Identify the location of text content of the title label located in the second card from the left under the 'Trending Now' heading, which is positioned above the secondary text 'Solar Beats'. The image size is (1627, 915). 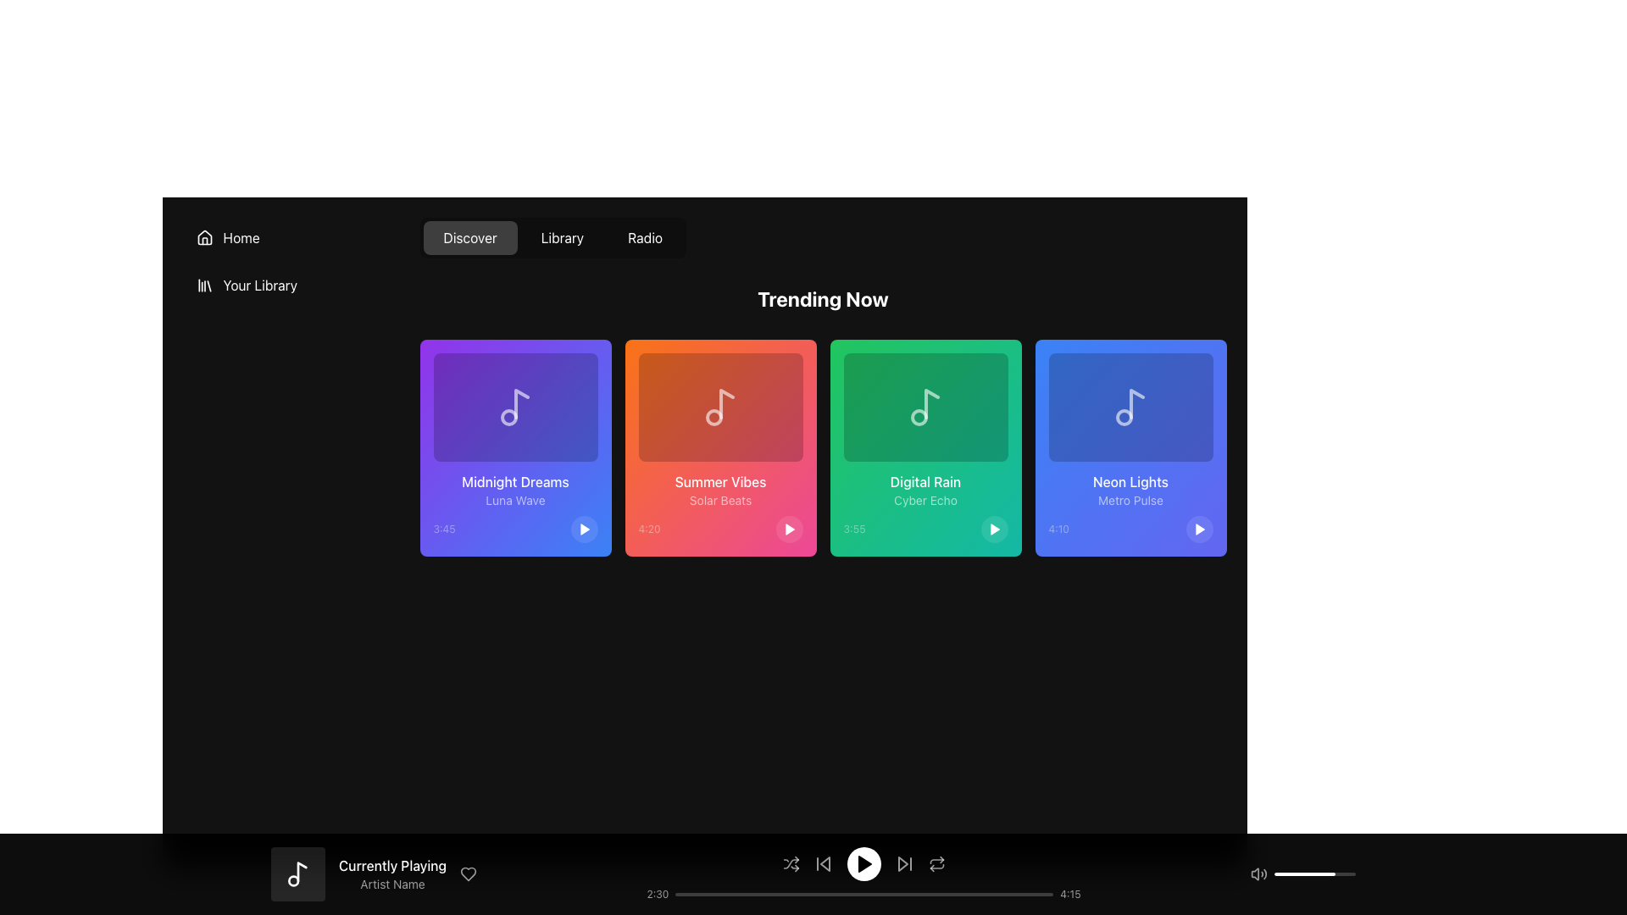
(720, 482).